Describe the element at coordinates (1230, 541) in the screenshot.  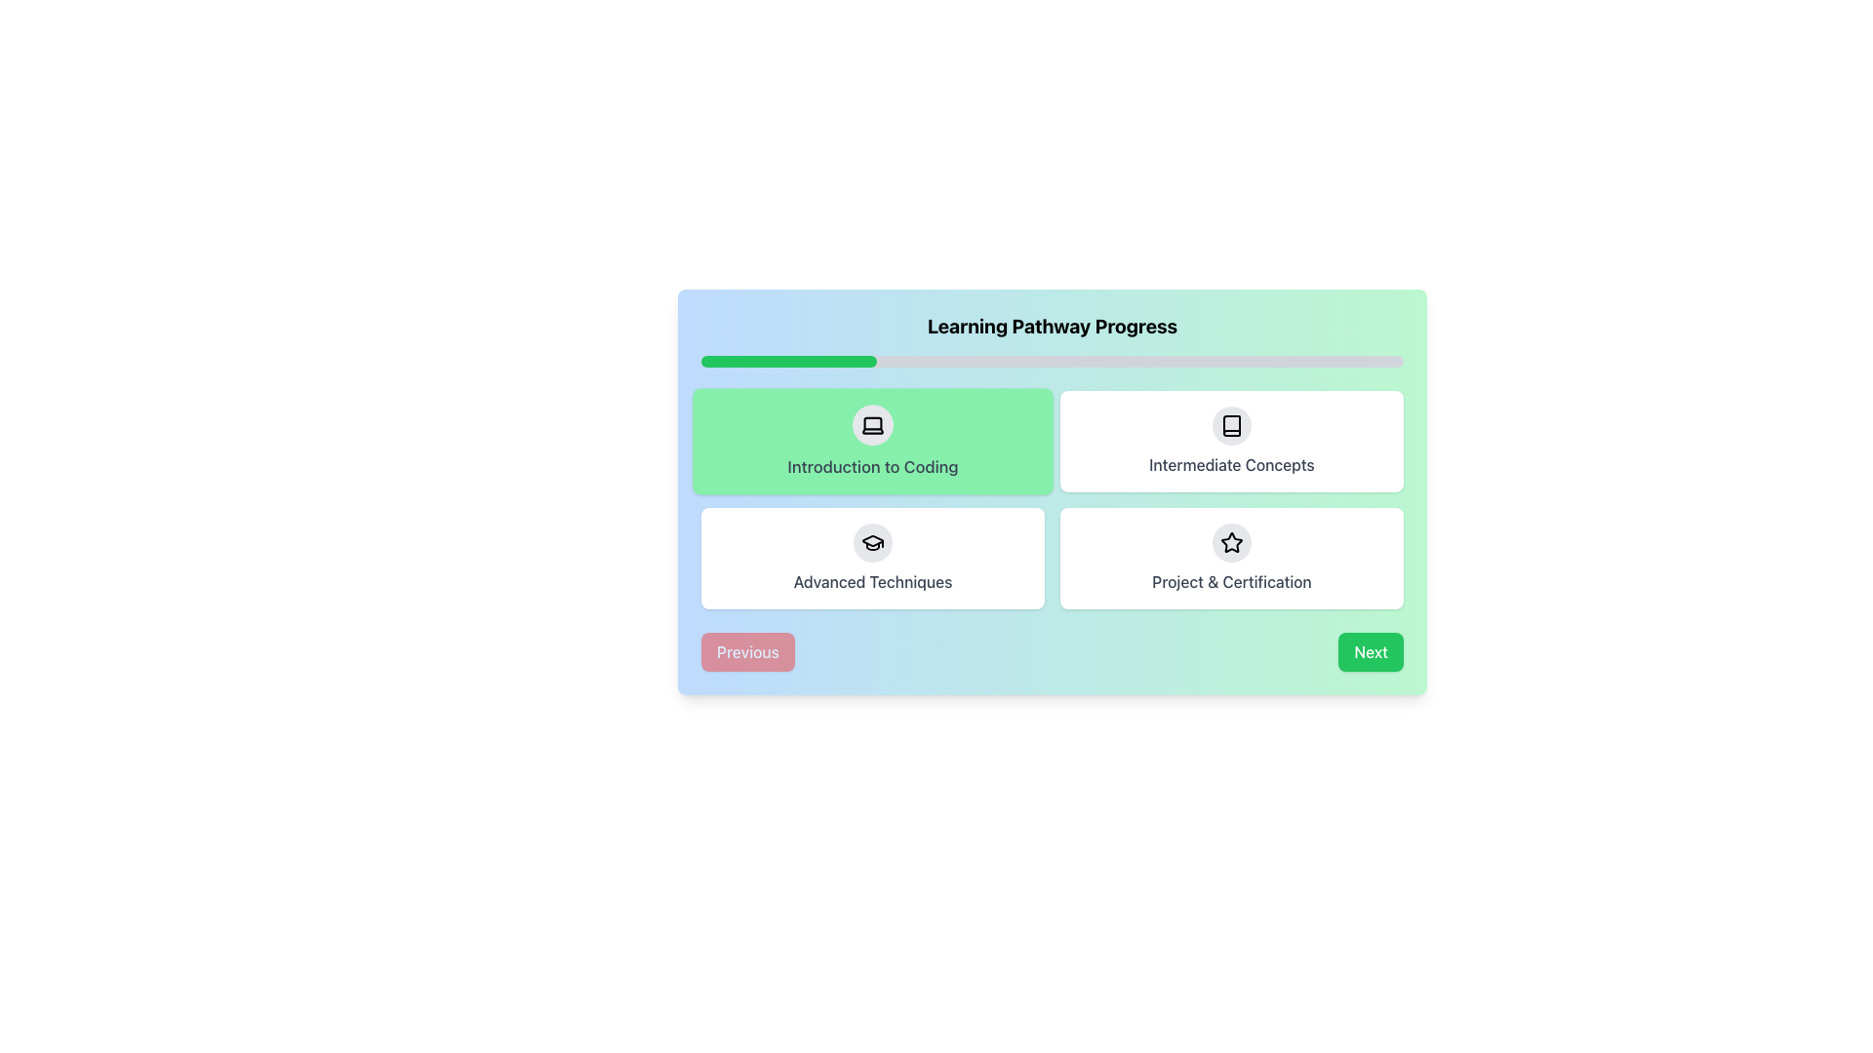
I see `the rating icon located in the upper-right quadrant of the 'Project & Certification' tile on the lower-right corner of the card grid layout` at that location.